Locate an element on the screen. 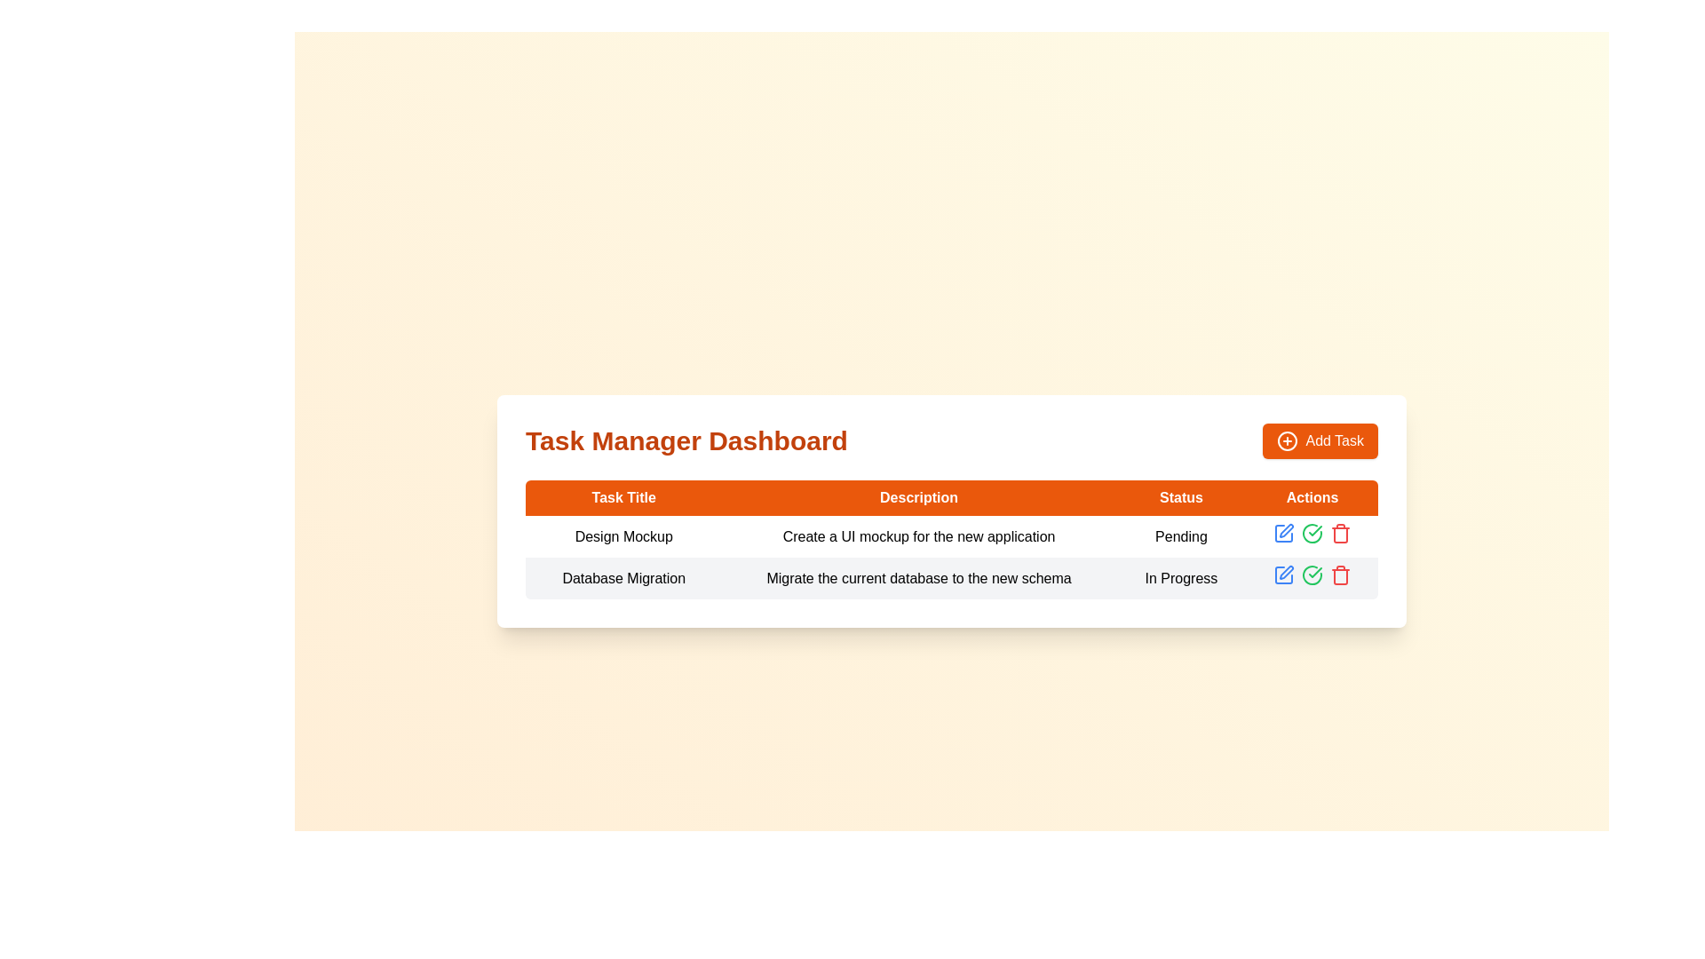 The image size is (1705, 959). the 'Add New Task' button located at the top-right corner of the 'Task Manager Dashboard' to change its visual state is located at coordinates (1320, 440).